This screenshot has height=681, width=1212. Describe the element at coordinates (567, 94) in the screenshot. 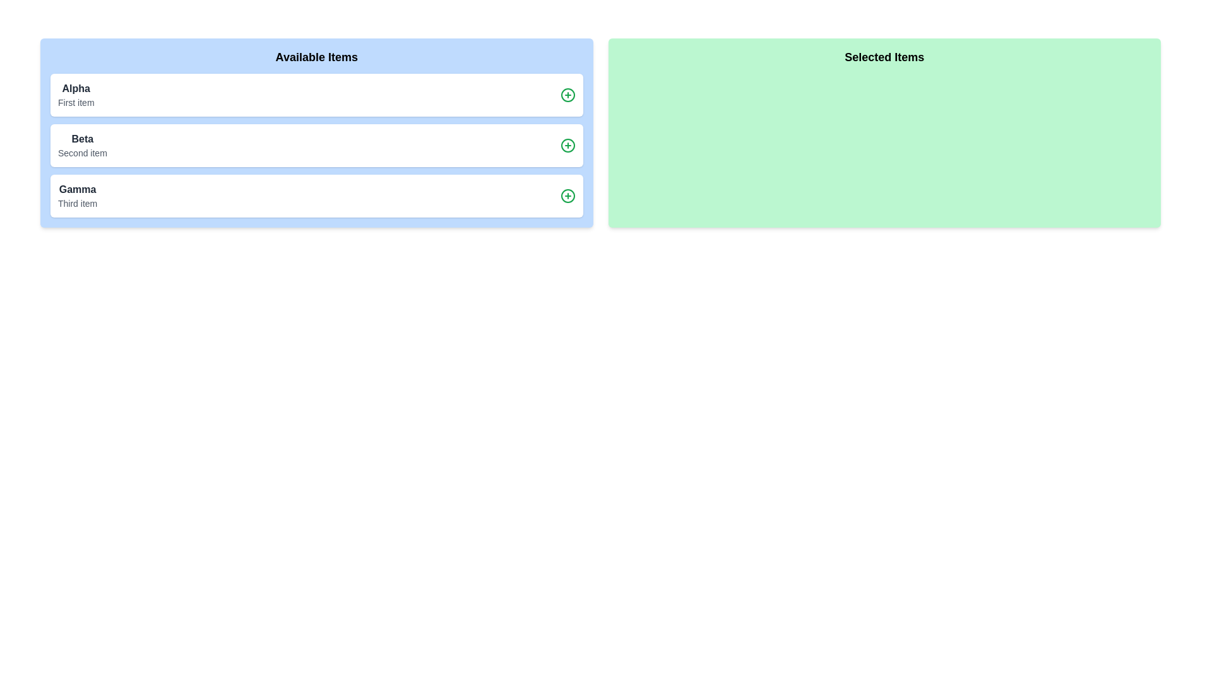

I see `plus button next to the item labeled Alpha in the Available Items list` at that location.